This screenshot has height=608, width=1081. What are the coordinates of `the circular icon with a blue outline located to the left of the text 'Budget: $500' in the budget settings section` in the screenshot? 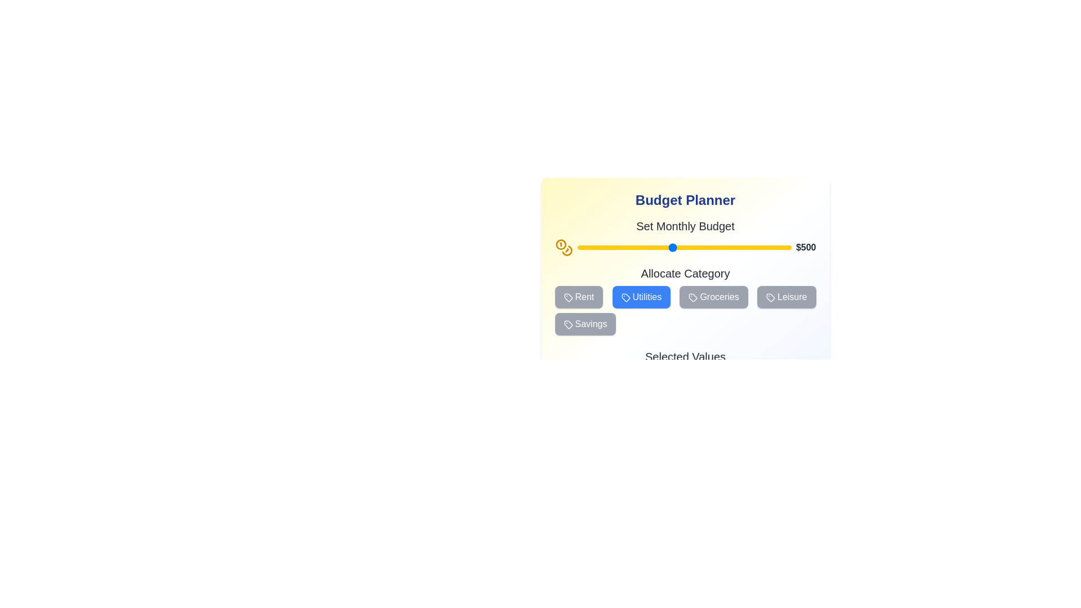 It's located at (561, 380).